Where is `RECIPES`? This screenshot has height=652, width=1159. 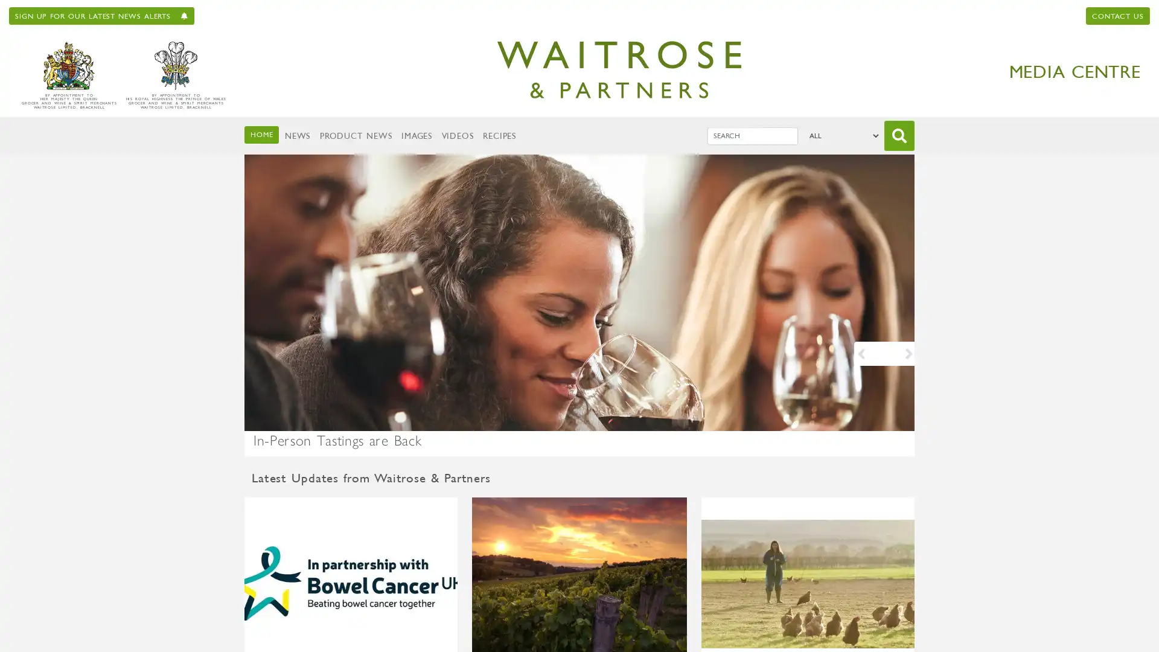 RECIPES is located at coordinates (499, 135).